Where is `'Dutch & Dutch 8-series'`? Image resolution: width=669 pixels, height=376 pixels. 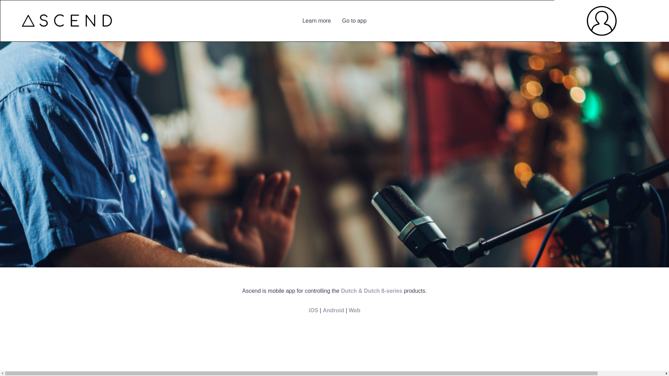
'Dutch & Dutch 8-series' is located at coordinates (371, 291).